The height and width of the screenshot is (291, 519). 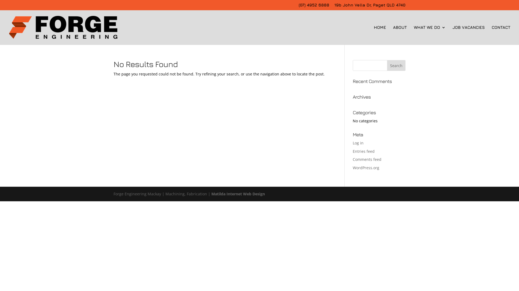 I want to click on 'HOME', so click(x=380, y=35).